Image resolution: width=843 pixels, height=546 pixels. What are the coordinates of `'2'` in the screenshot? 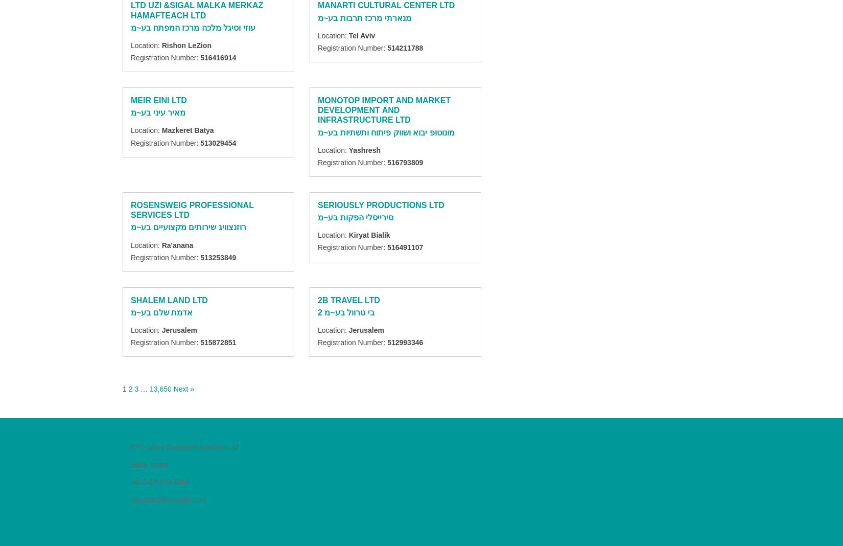 It's located at (130, 389).